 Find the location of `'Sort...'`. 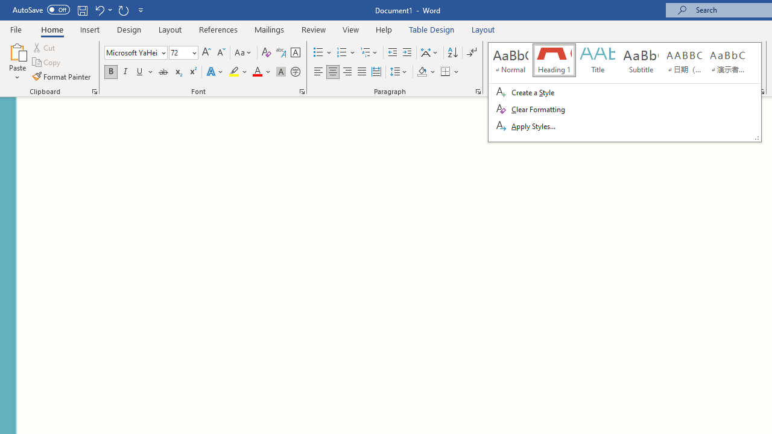

'Sort...' is located at coordinates (452, 52).